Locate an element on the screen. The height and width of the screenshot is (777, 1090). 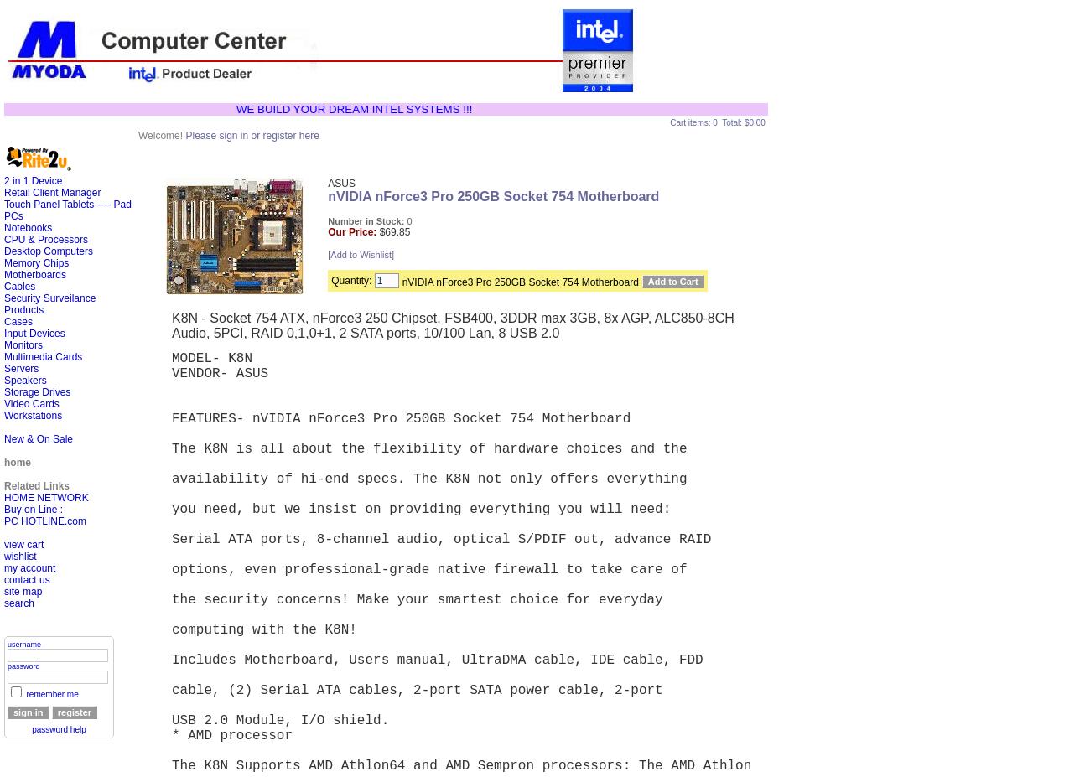
'my account' is located at coordinates (29, 567).